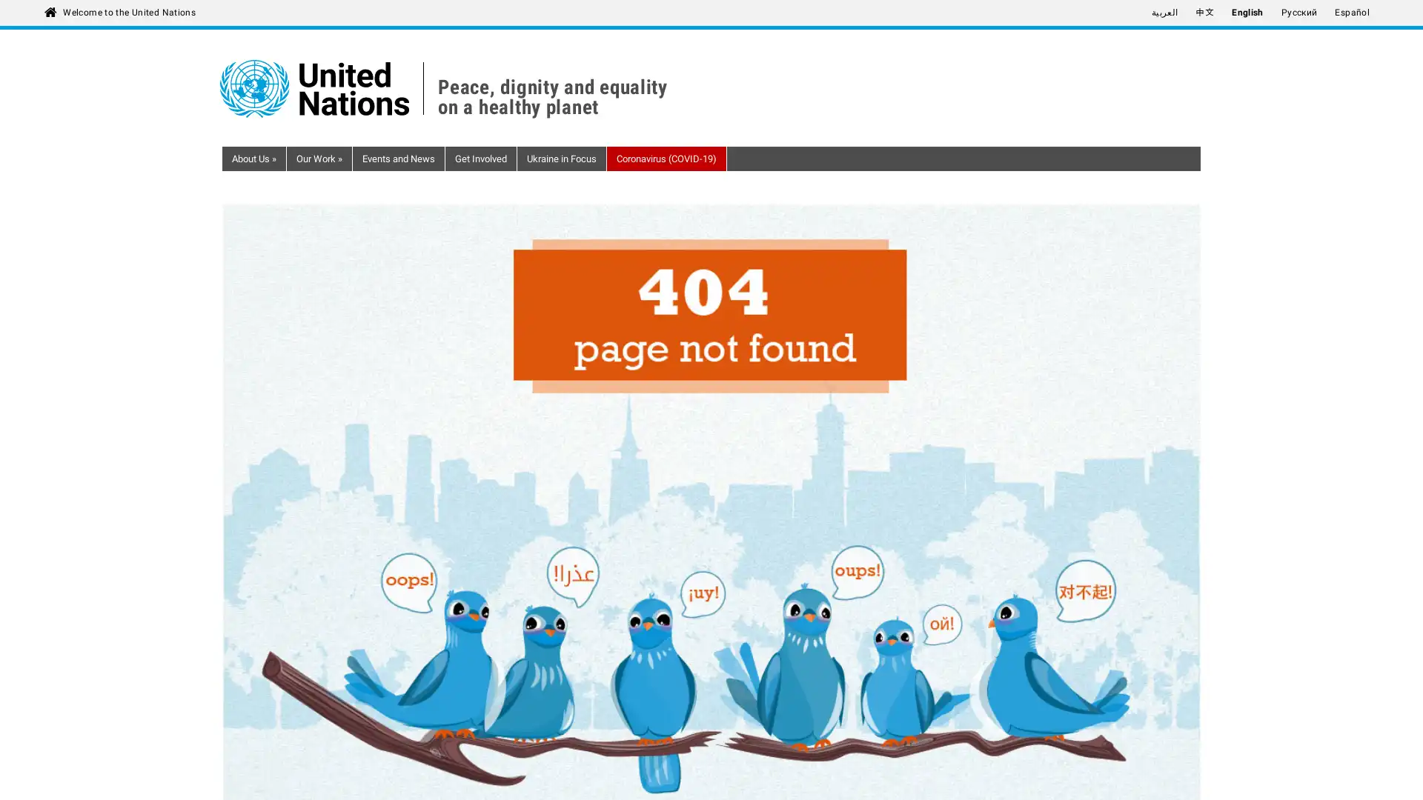 Image resolution: width=1423 pixels, height=800 pixels. What do you see at coordinates (399, 158) in the screenshot?
I see `Events and News` at bounding box center [399, 158].